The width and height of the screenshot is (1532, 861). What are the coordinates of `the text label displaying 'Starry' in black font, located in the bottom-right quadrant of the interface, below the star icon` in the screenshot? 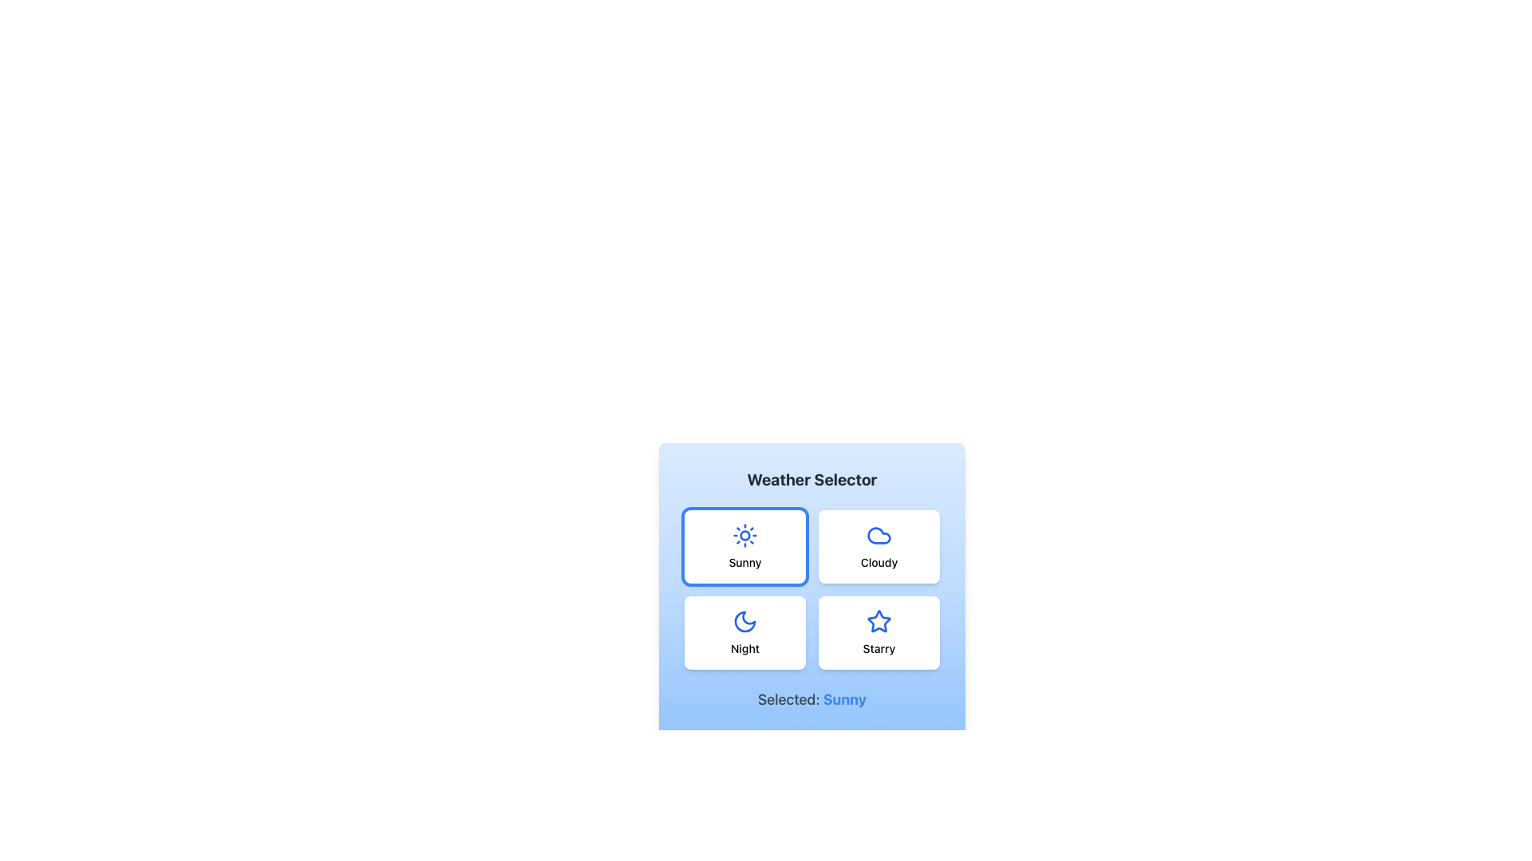 It's located at (879, 648).